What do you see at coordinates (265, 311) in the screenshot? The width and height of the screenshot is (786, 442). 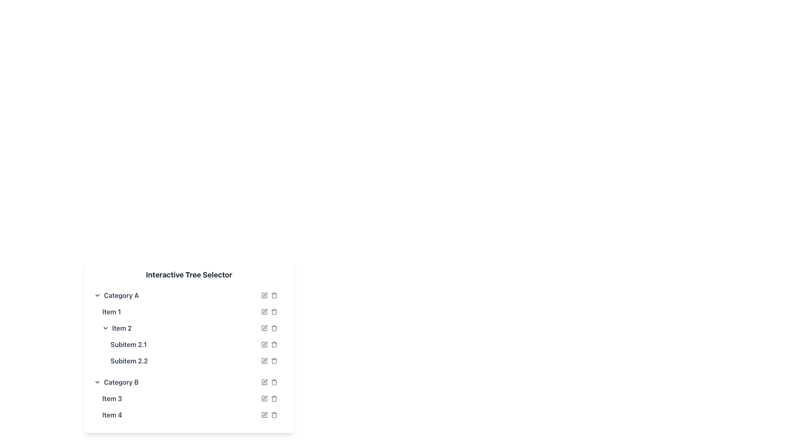 I see `the pencil icon representing the edit functionality for 'Item 1'` at bounding box center [265, 311].